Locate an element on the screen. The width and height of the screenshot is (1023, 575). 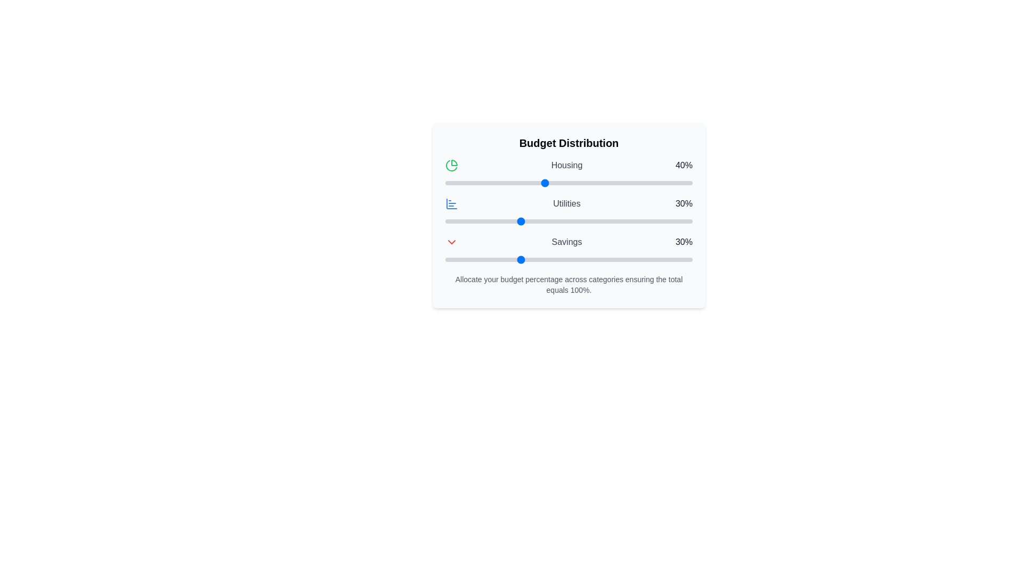
the Housing percentage slider is located at coordinates (647, 182).